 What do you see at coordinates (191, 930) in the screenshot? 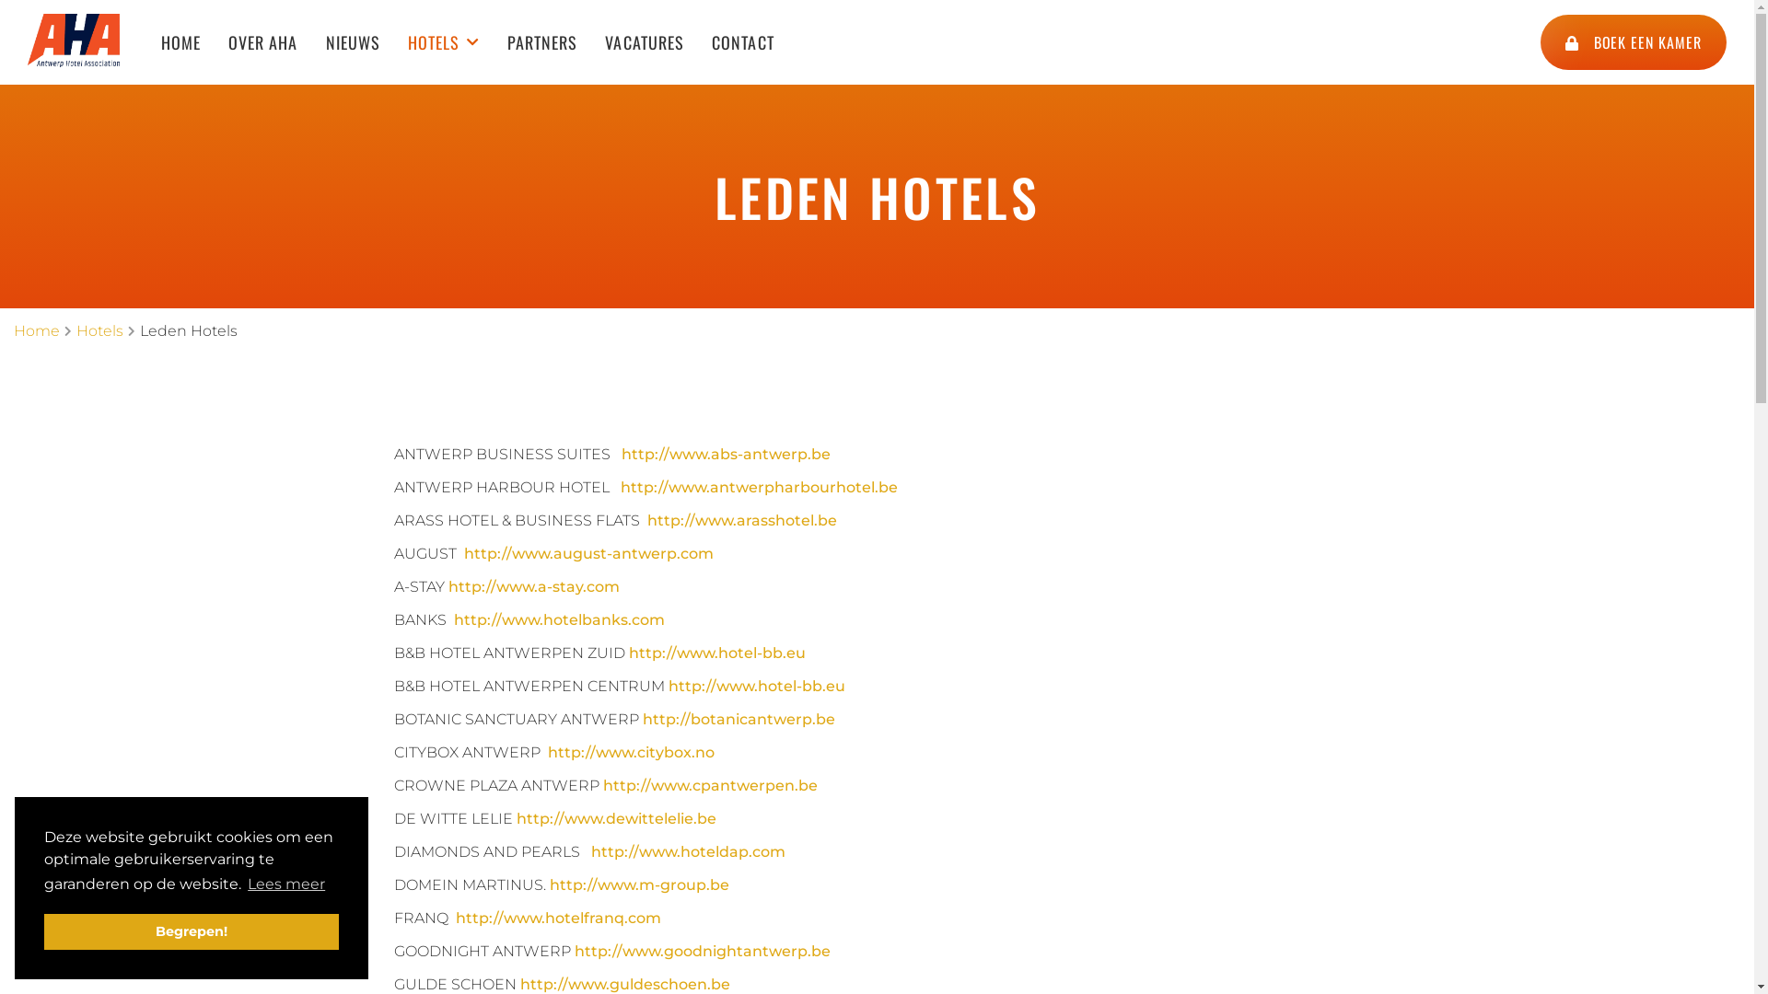
I see `'Begrepen!'` at bounding box center [191, 930].